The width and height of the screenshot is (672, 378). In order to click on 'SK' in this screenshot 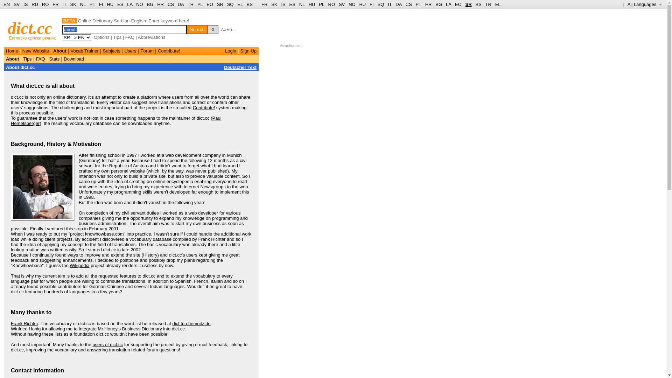, I will do `click(73, 4)`.